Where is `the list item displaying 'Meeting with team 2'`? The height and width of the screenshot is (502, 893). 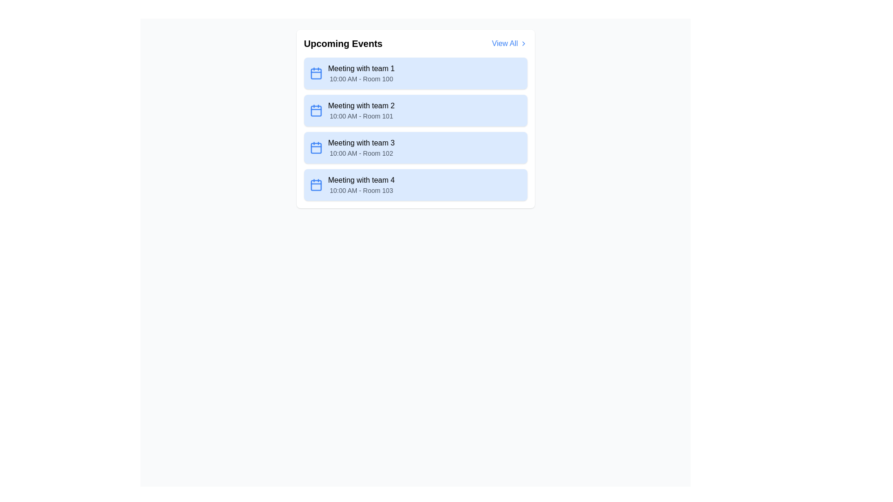 the list item displaying 'Meeting with team 2' is located at coordinates (415, 118).